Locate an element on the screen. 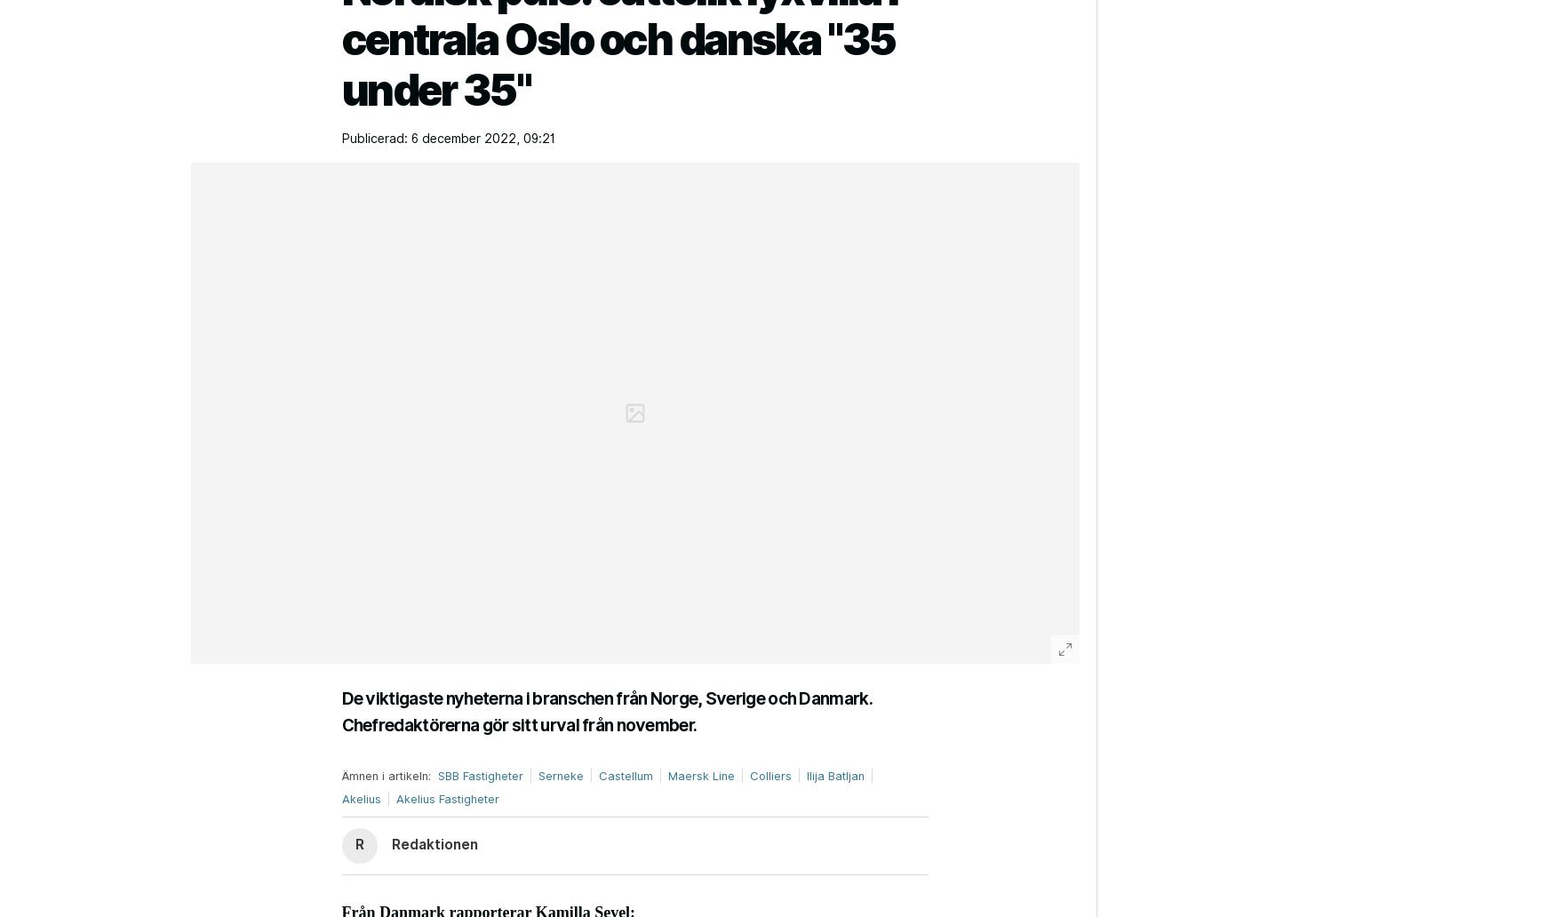 This screenshot has width=1555, height=917. 'Publicerad:' is located at coordinates (373, 137).